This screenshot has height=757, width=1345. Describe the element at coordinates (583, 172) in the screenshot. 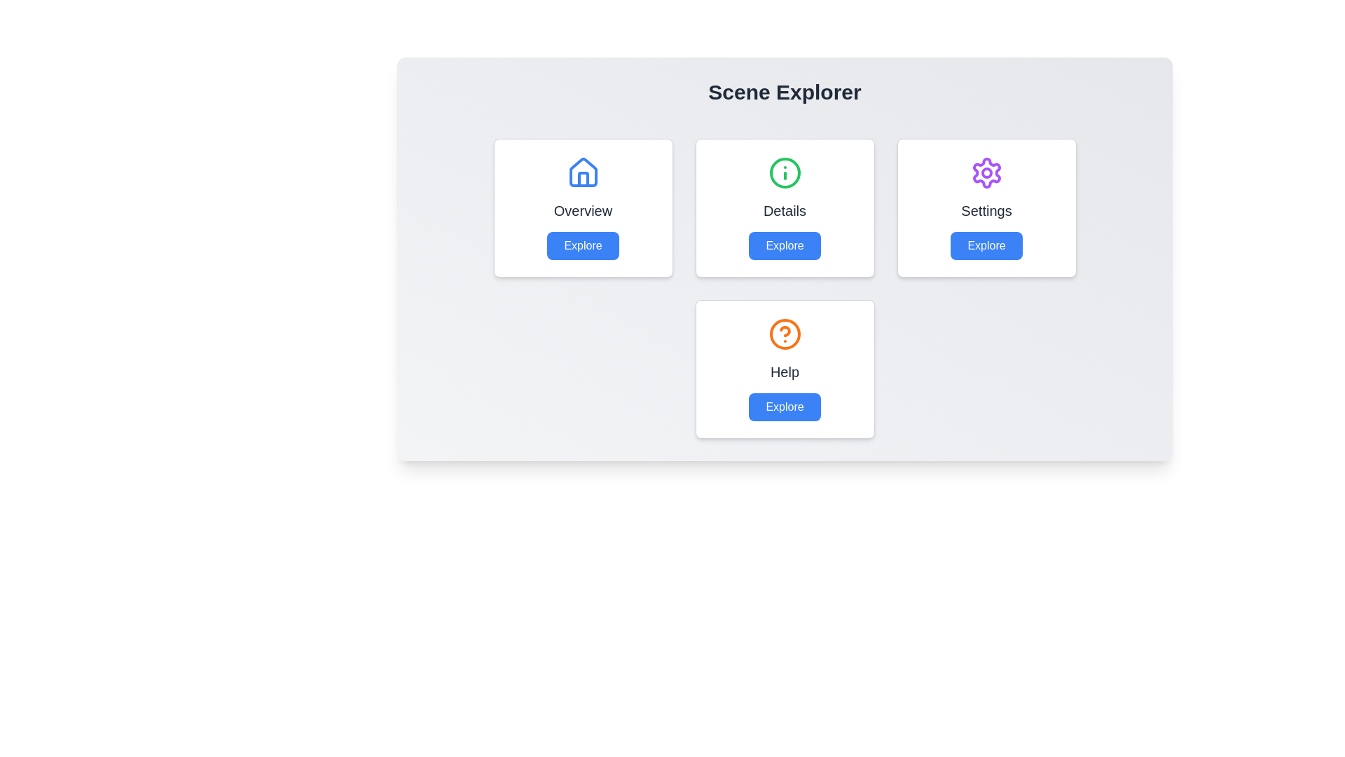

I see `the house-shaped SVG icon located at the top-left position of the 2x2 grid layout` at that location.